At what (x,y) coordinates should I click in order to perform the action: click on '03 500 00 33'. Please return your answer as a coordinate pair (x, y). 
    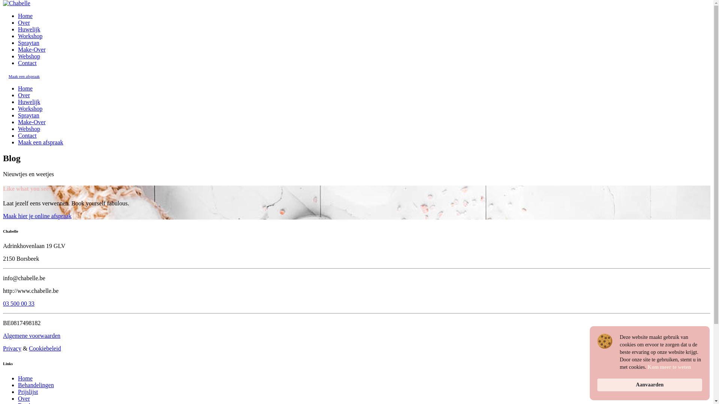
    Looking at the image, I should click on (3, 303).